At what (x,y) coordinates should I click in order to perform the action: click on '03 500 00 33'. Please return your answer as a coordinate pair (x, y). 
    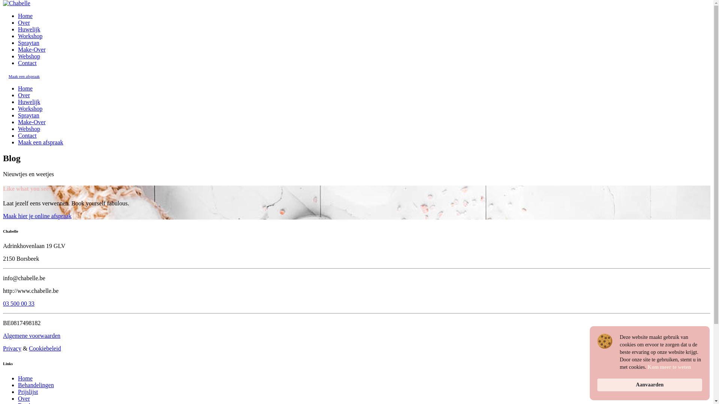
    Looking at the image, I should click on (3, 303).